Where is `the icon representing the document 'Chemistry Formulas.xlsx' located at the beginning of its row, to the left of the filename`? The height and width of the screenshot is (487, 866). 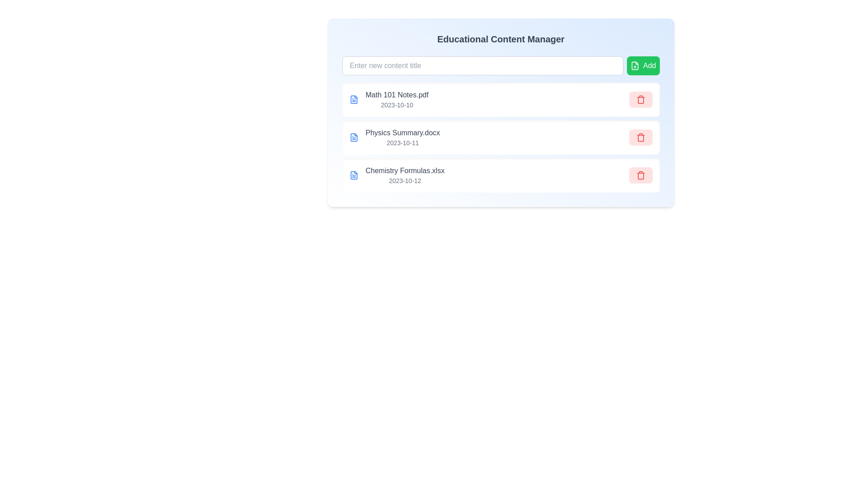
the icon representing the document 'Chemistry Formulas.xlsx' located at the beginning of its row, to the left of the filename is located at coordinates (353, 175).